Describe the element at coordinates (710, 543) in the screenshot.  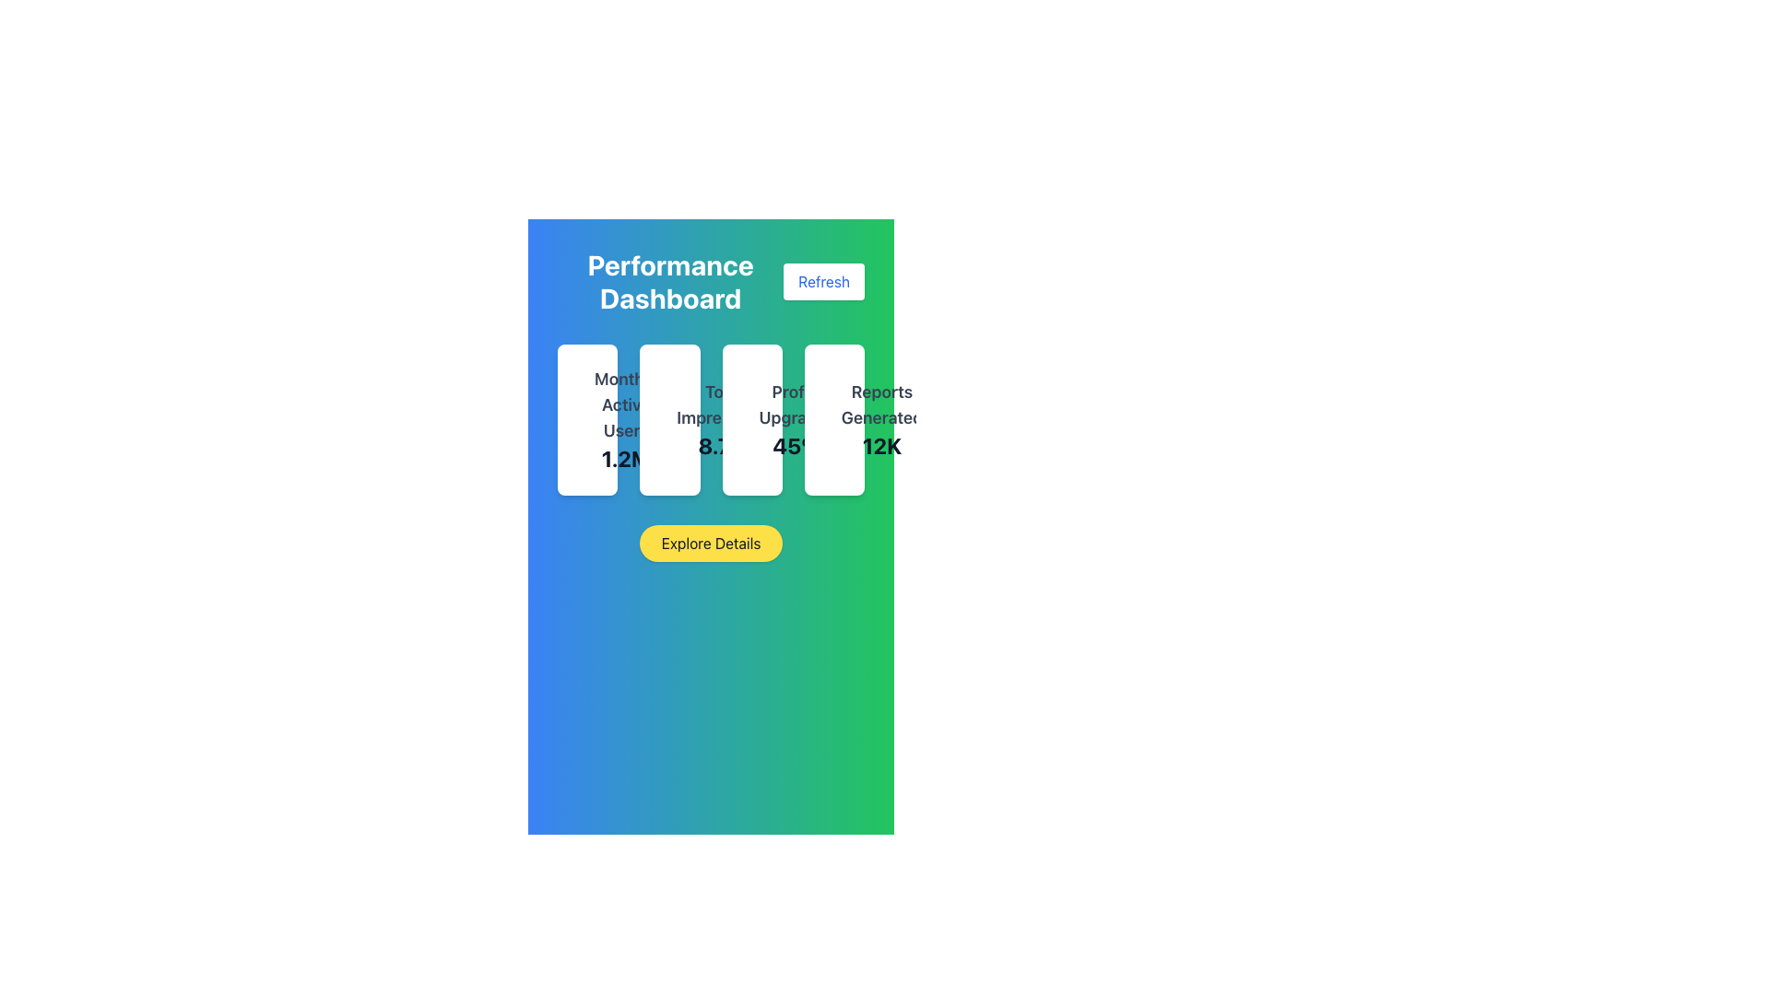
I see `the prominent 'Explore Details' button with a yellow background` at that location.